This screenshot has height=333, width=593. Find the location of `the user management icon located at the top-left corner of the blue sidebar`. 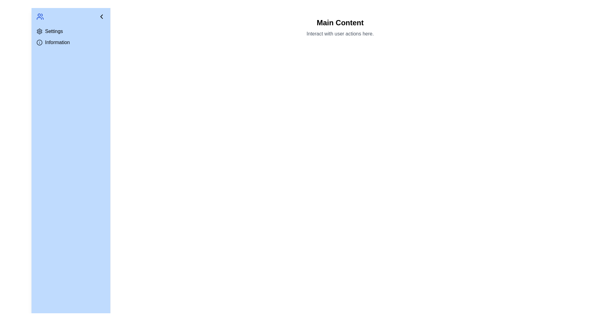

the user management icon located at the top-left corner of the blue sidebar is located at coordinates (40, 16).